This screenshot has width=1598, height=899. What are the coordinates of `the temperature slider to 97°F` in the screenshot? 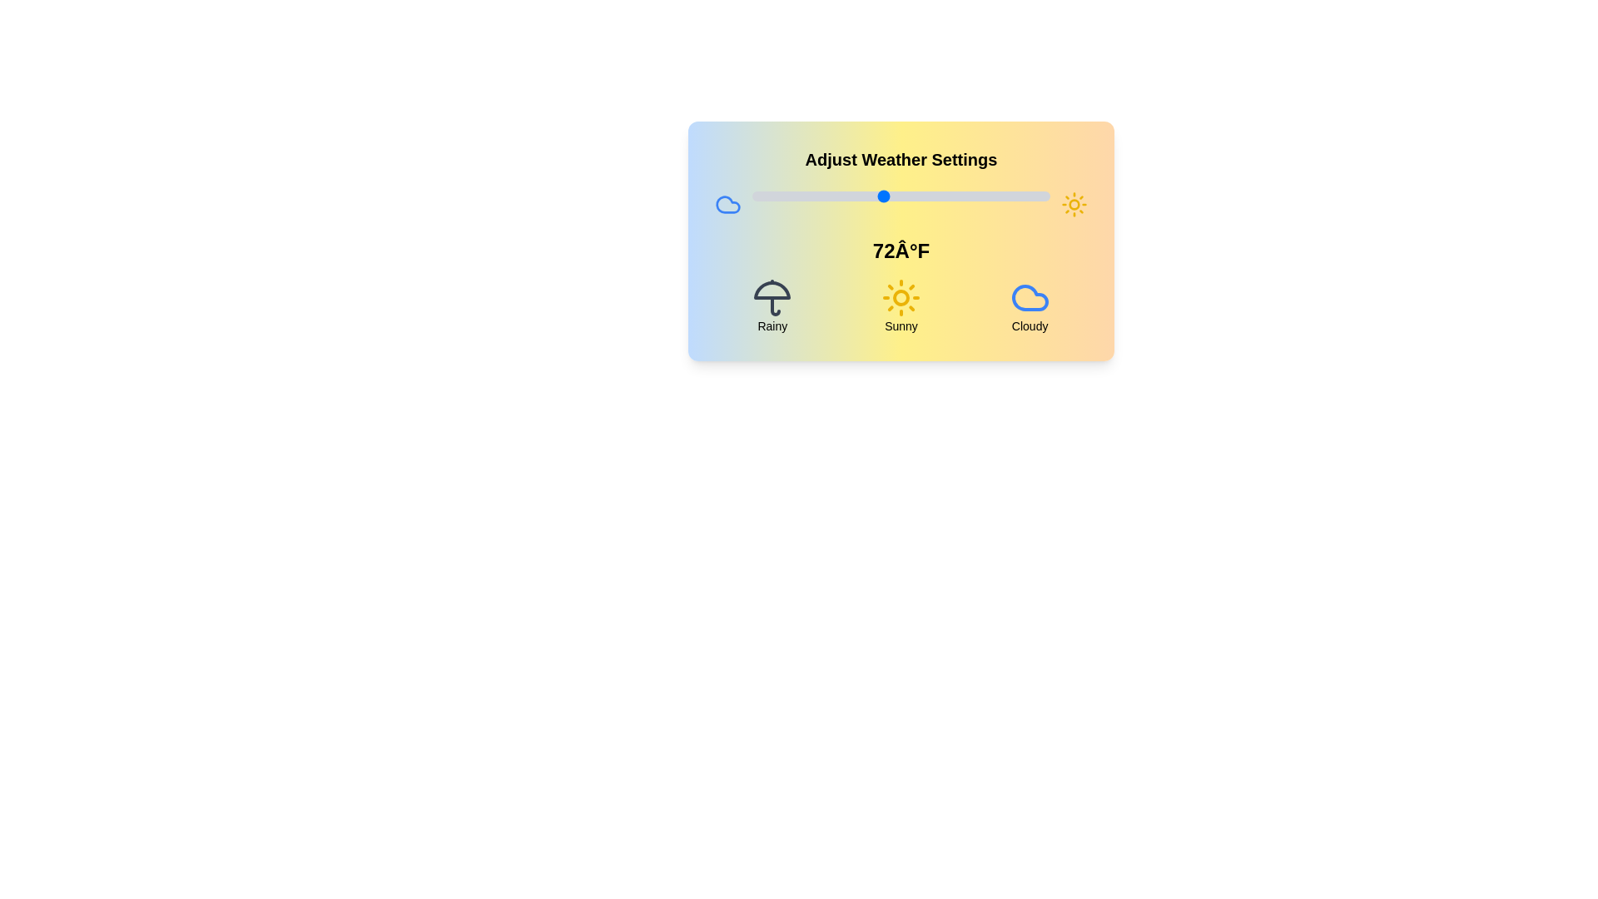 It's located at (1031, 195).